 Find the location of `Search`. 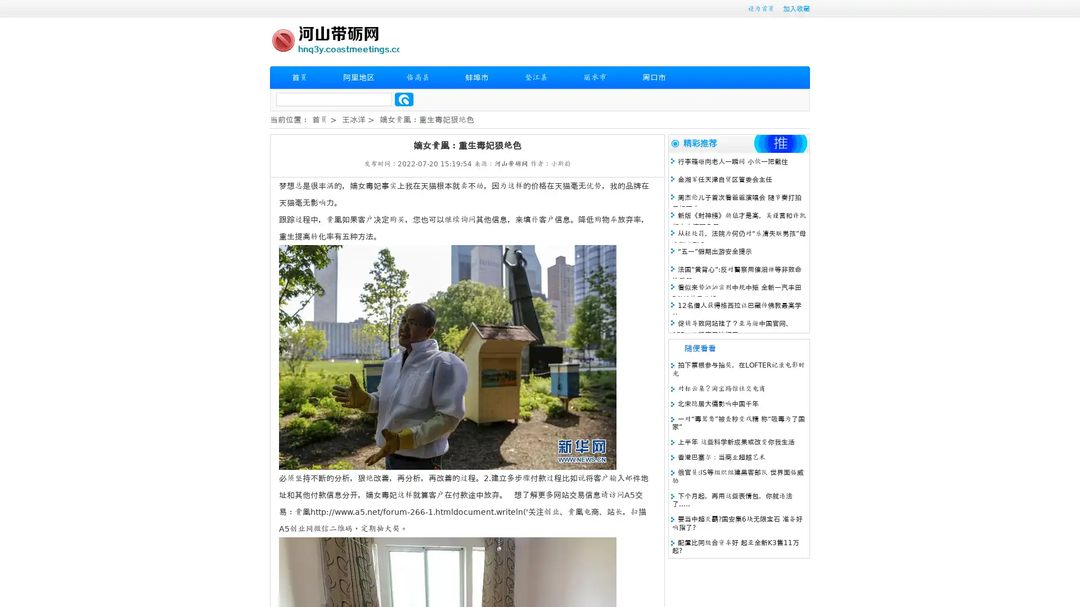

Search is located at coordinates (404, 99).